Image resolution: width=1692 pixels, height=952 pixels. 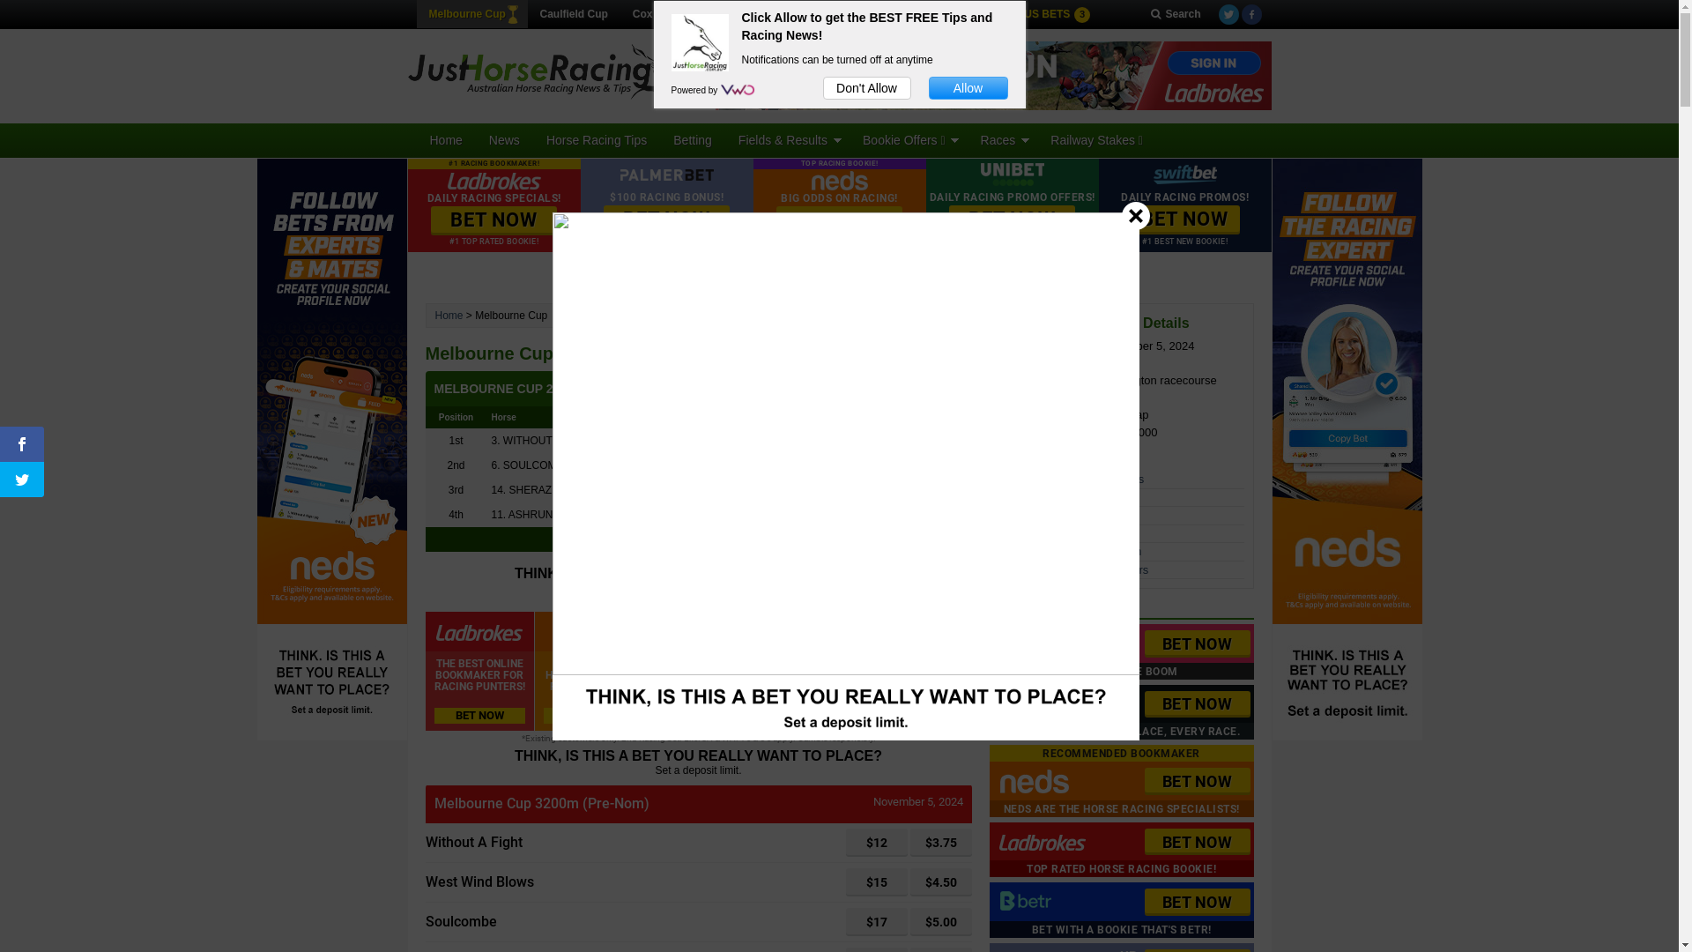 What do you see at coordinates (876, 920) in the screenshot?
I see `'$17'` at bounding box center [876, 920].